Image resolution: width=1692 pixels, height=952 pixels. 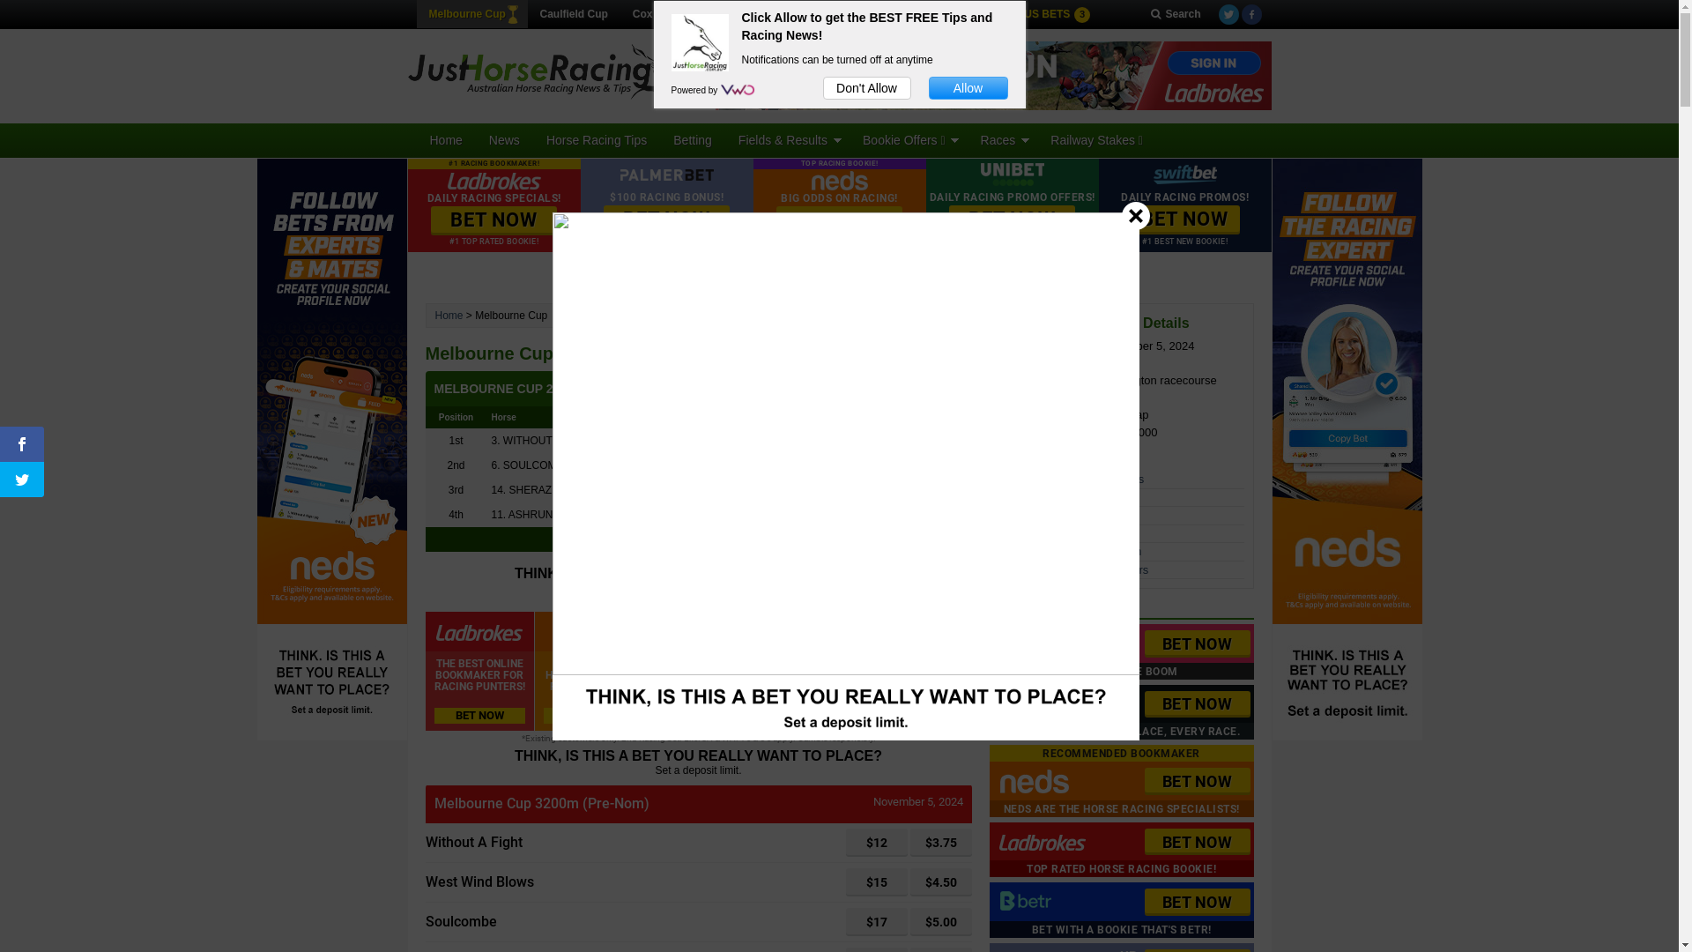 What do you see at coordinates (876, 920) in the screenshot?
I see `'$17'` at bounding box center [876, 920].